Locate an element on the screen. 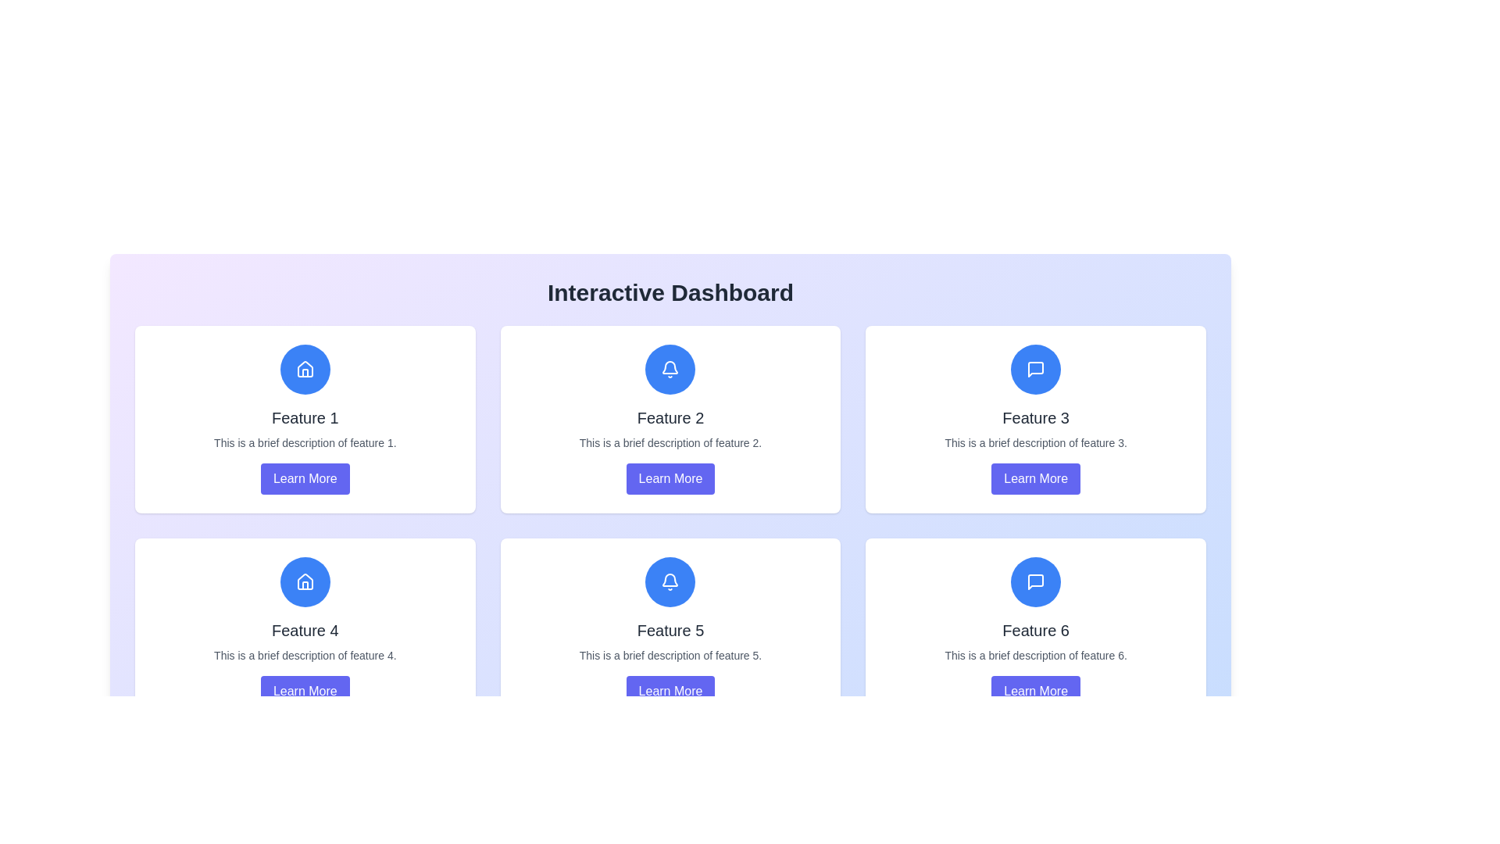 The width and height of the screenshot is (1500, 844). the 'Feature 5' icon located at the top part of the 'Feature 5' card, directly above the text 'Feature 5' is located at coordinates (670, 581).